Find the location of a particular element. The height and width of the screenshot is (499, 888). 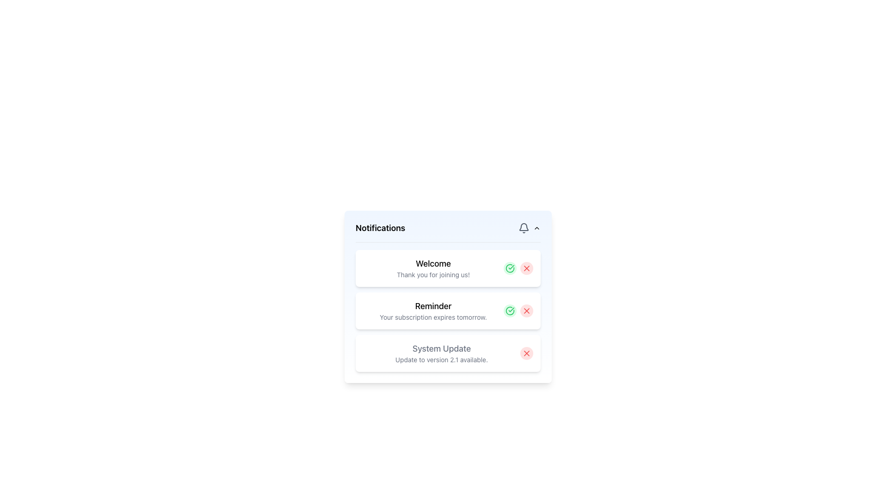

the green circular icon with a white checkmark symbol located to the right of the 'Reminder' notification text to confirm the notification is located at coordinates (510, 310).